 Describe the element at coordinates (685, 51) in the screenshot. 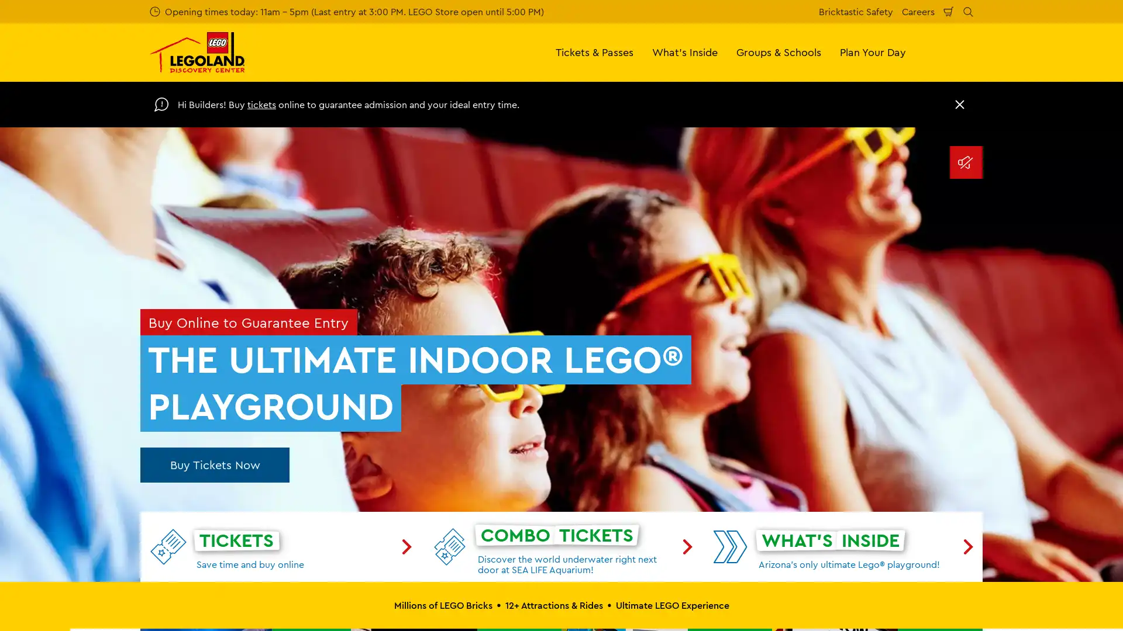

I see `What's Inside` at that location.